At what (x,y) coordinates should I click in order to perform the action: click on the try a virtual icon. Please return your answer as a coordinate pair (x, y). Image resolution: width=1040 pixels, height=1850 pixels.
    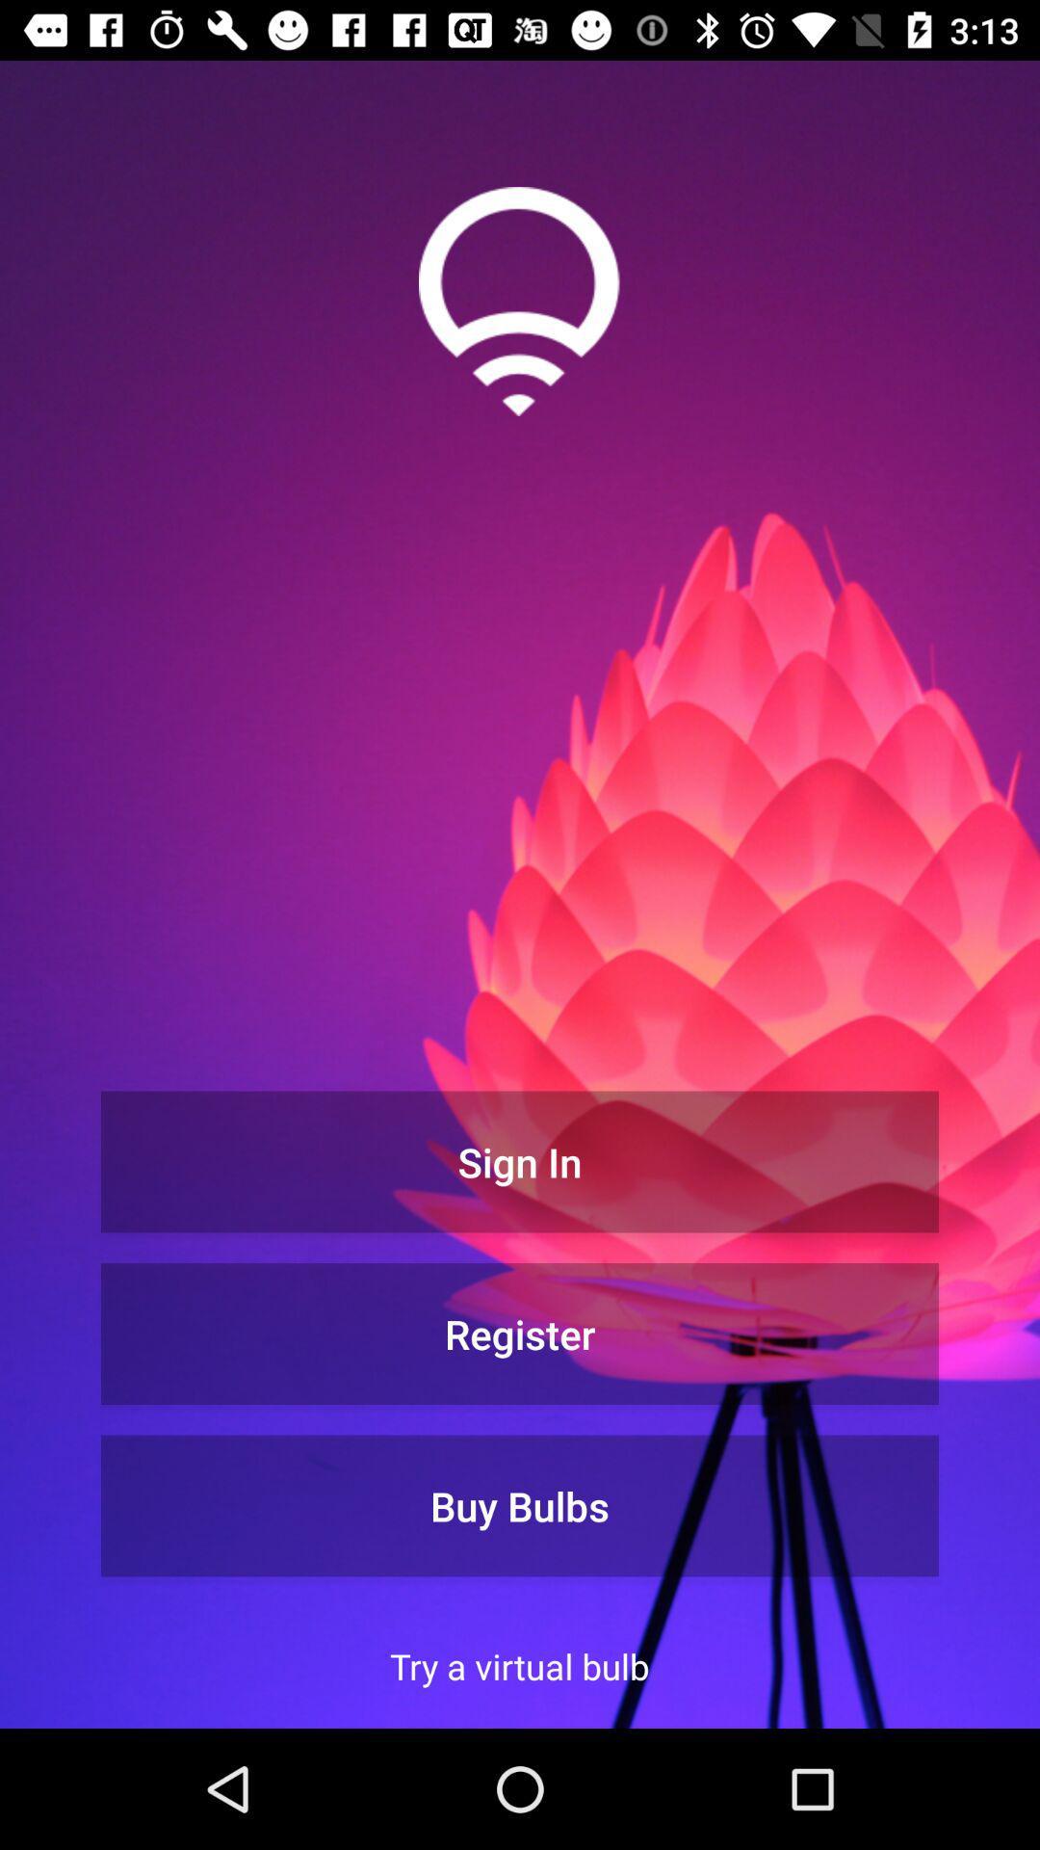
    Looking at the image, I should click on (518, 1665).